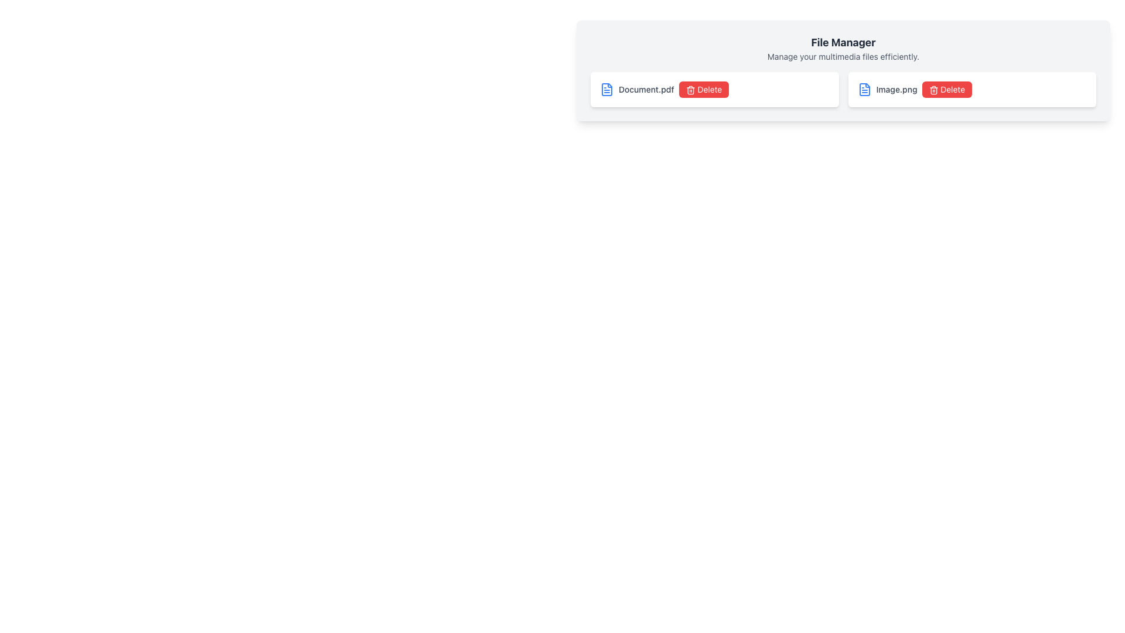  I want to click on the delete button located in the second column, adjacent to the filename label 'Image.png', so click(947, 89).